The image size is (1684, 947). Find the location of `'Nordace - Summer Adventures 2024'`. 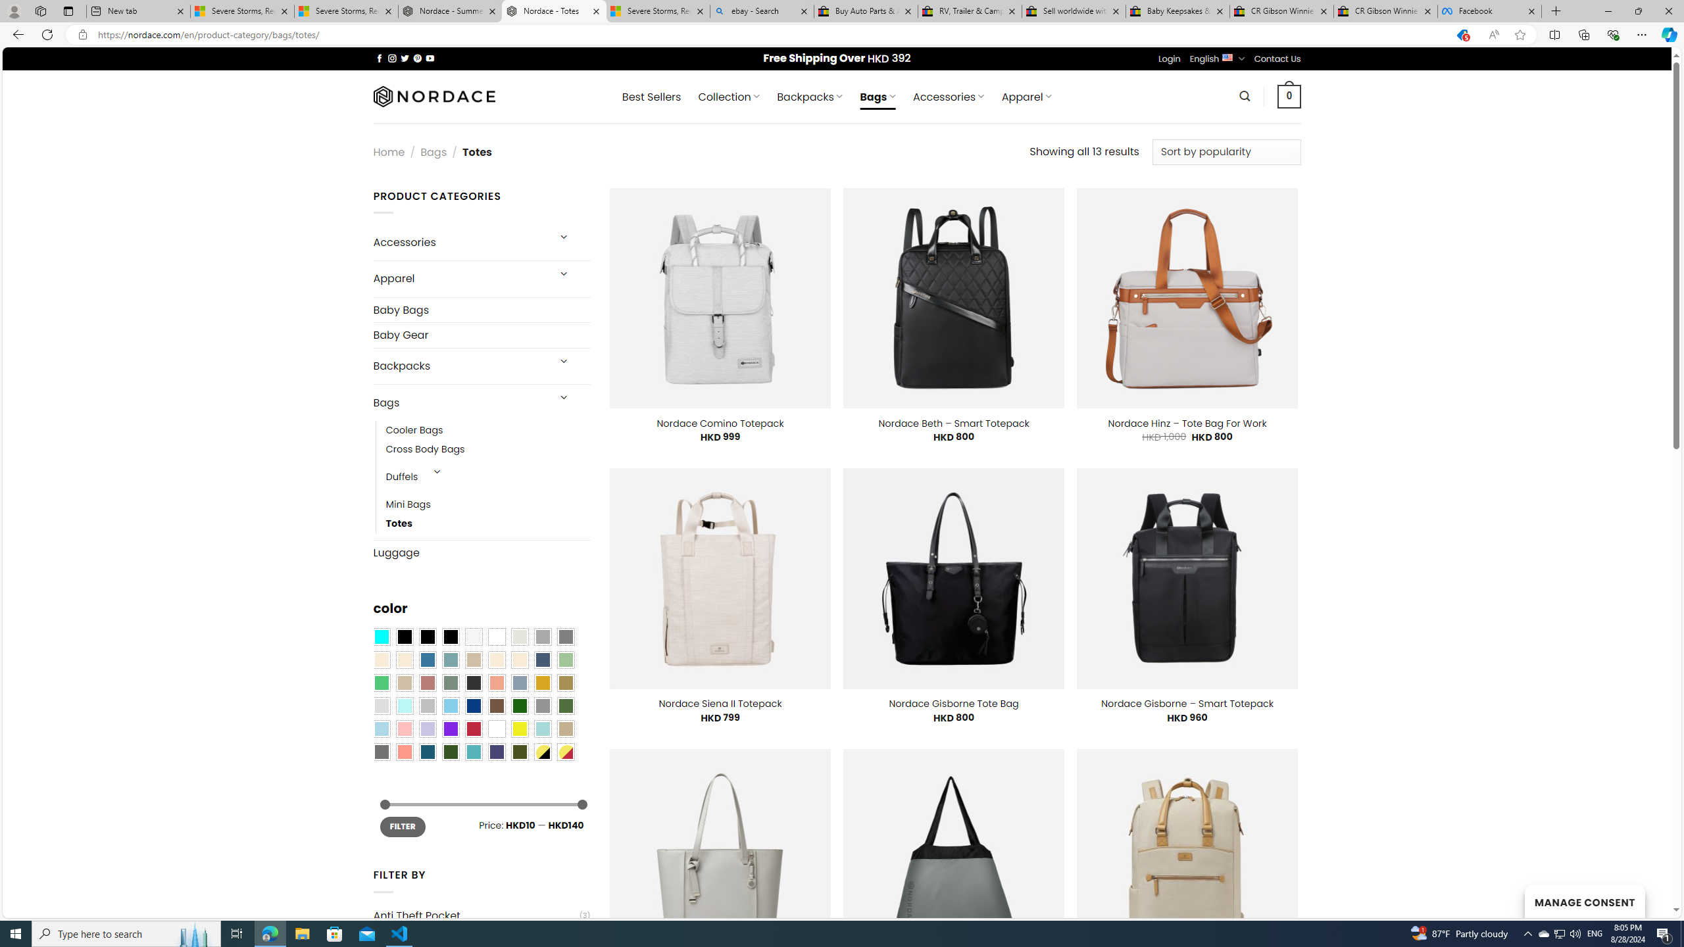

'Nordace - Summer Adventures 2024' is located at coordinates (450, 11).